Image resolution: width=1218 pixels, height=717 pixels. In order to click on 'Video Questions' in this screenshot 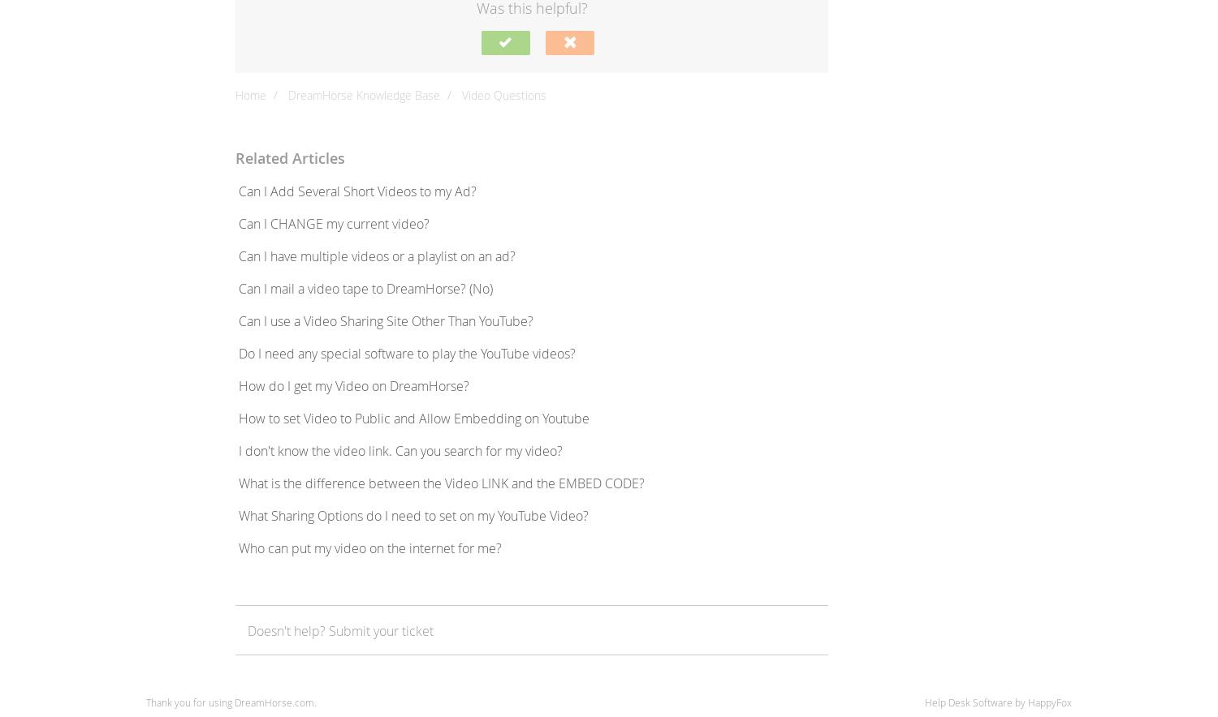, I will do `click(460, 94)`.